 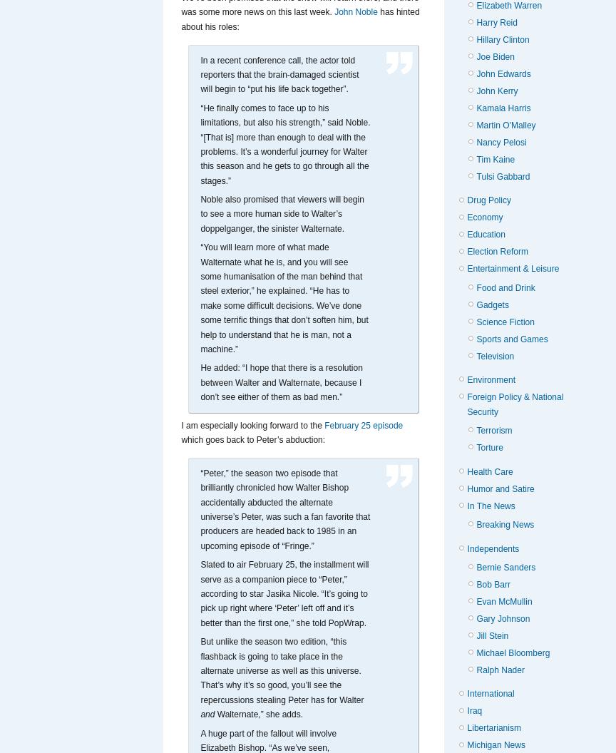 What do you see at coordinates (488, 200) in the screenshot?
I see `'Drug Policy'` at bounding box center [488, 200].